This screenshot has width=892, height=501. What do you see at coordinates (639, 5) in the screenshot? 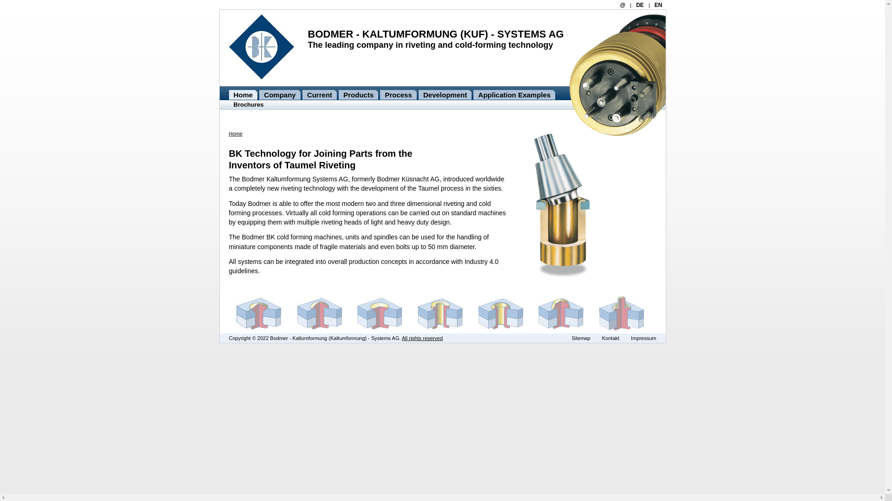
I see `'DE'` at bounding box center [639, 5].